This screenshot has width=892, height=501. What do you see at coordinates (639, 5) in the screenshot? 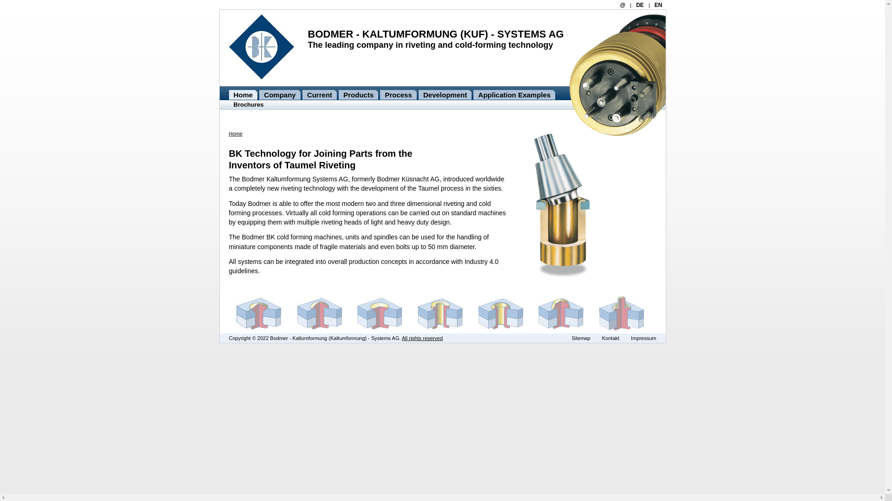
I see `'DE'` at bounding box center [639, 5].